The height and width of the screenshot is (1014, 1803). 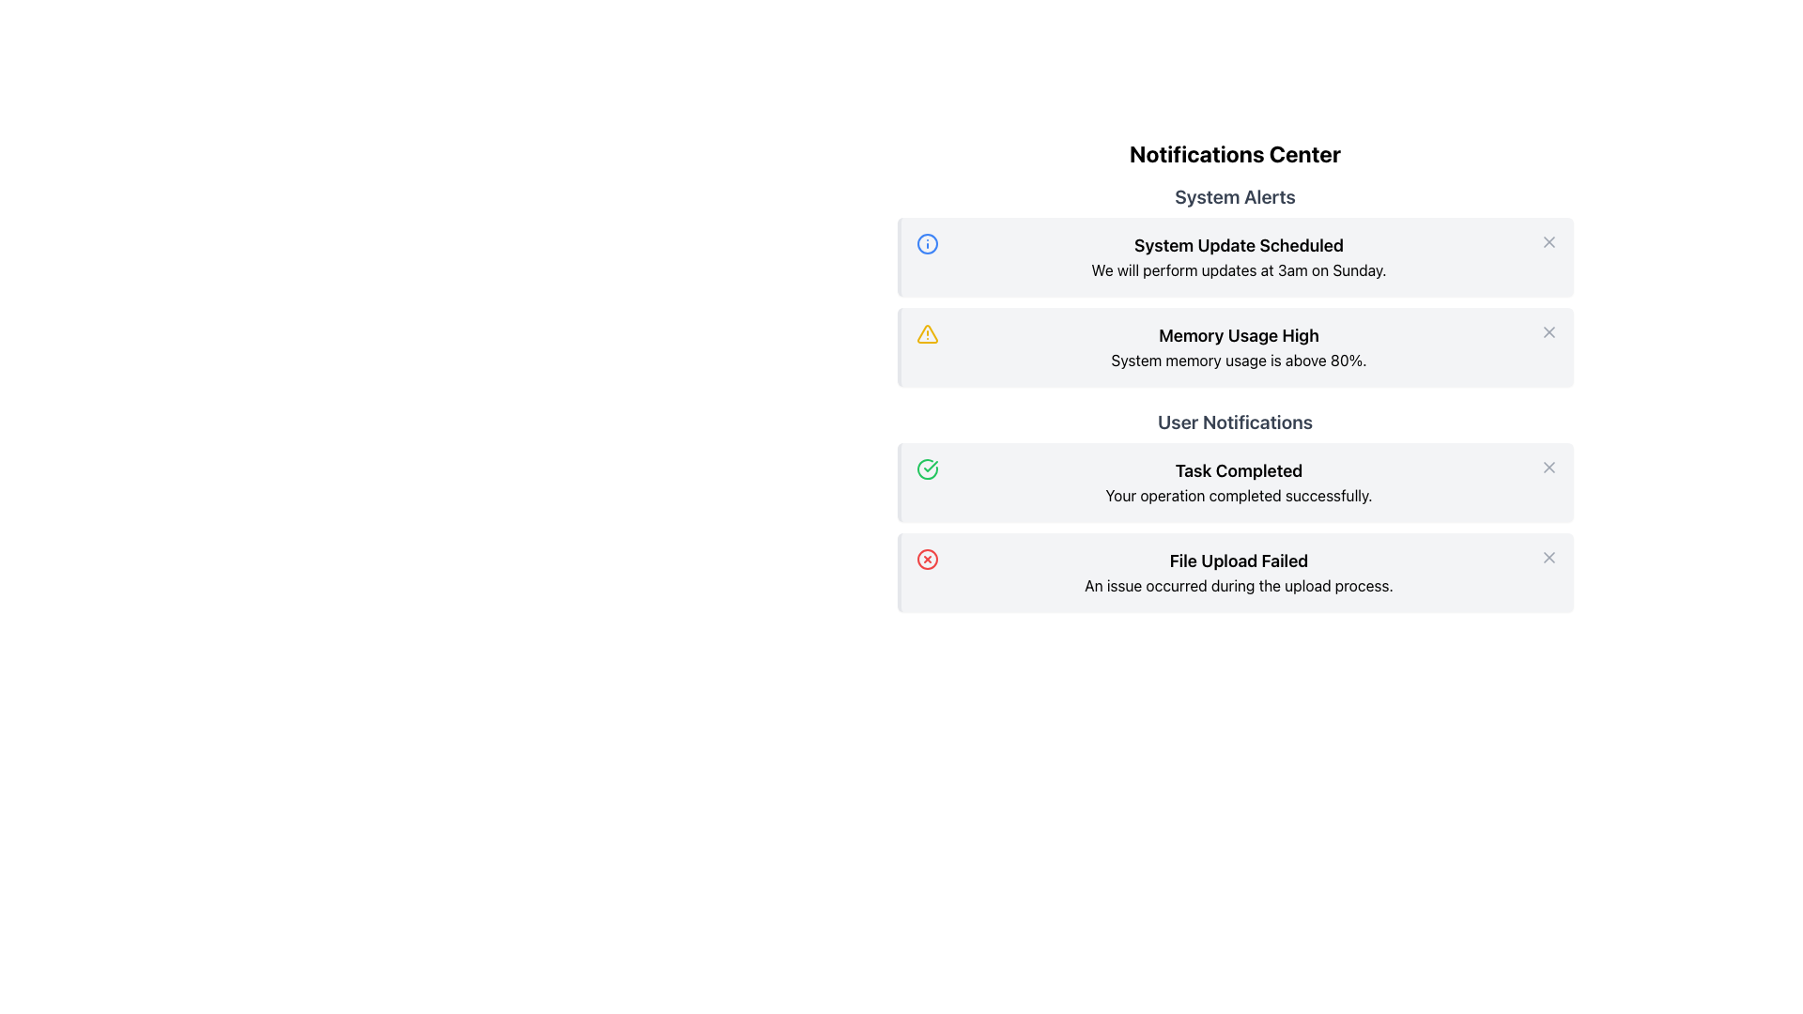 What do you see at coordinates (927, 469) in the screenshot?
I see `the circular green icon with a checkmark that indicates success, located to the left of the 'Task Completed' notification in the User Notifications section` at bounding box center [927, 469].